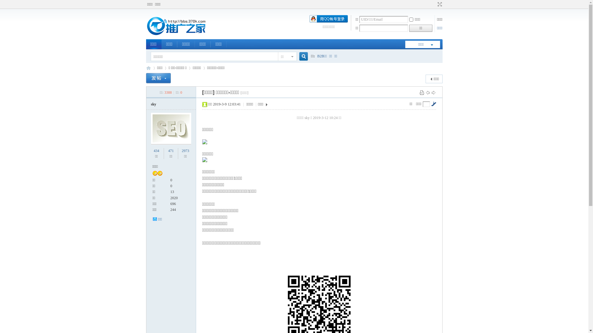  Describe the element at coordinates (153, 104) in the screenshot. I see `'sky'` at that location.